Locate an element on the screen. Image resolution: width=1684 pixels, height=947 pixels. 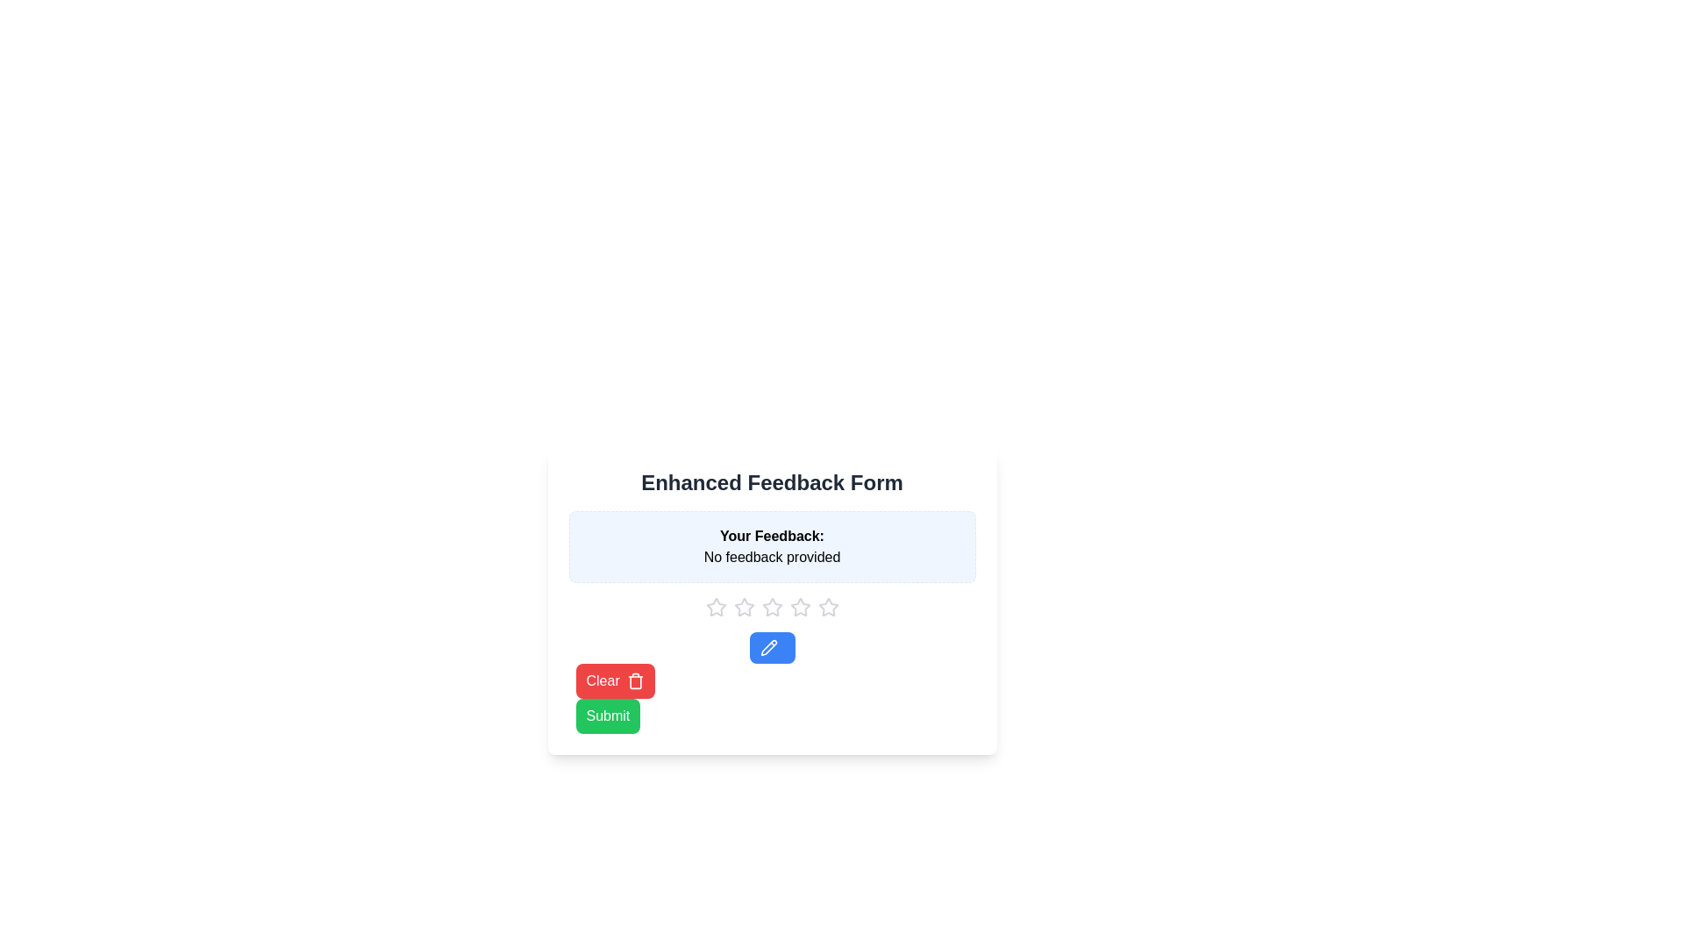
the first star icon in the 5-star rating system is located at coordinates (716, 607).